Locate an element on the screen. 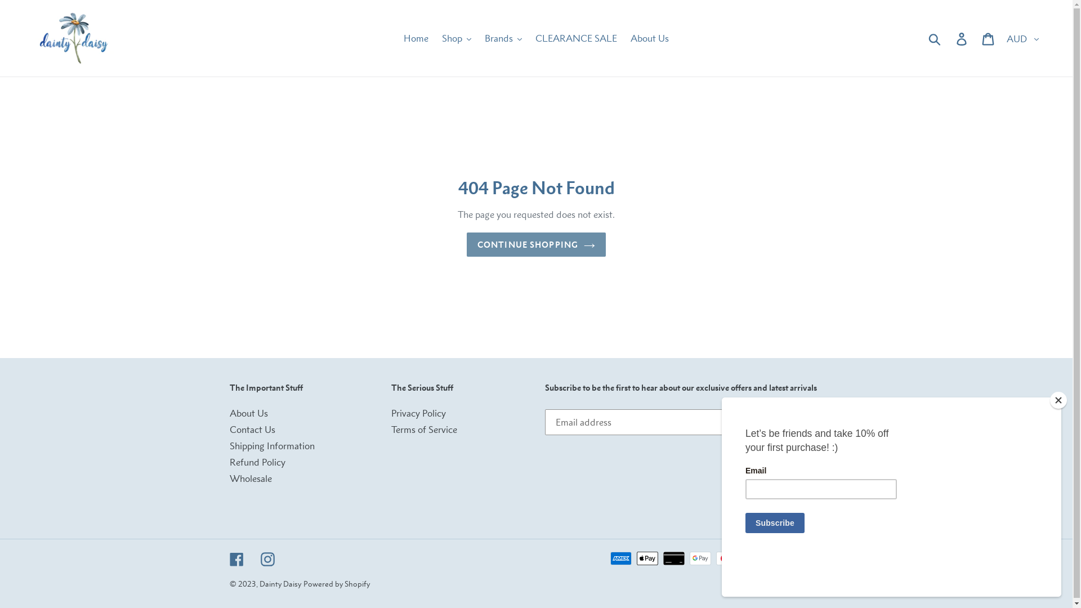 This screenshot has height=608, width=1081. 'Shipping Information' is located at coordinates (272, 445).